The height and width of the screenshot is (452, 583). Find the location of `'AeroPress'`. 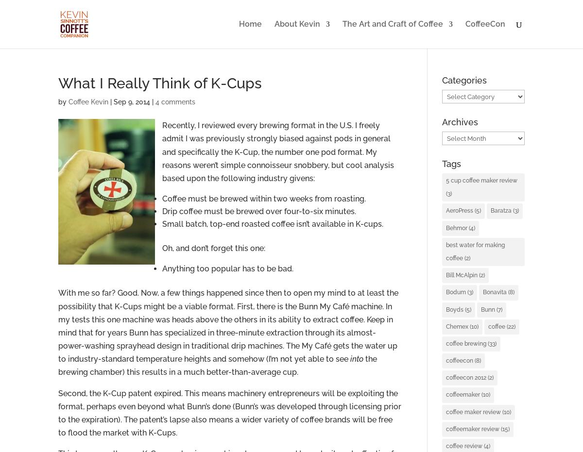

'AeroPress' is located at coordinates (459, 210).